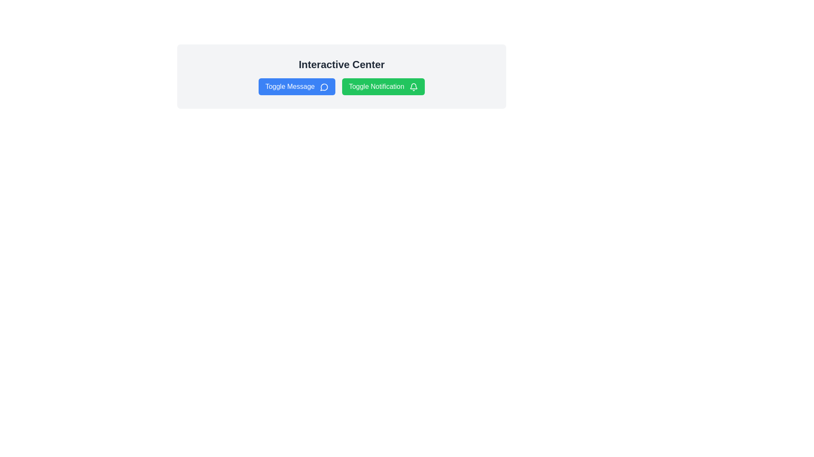  Describe the element at coordinates (323, 87) in the screenshot. I see `the decorative icon that represents the messaging feature, which is located on the right side of the 'Toggle Message' button` at that location.